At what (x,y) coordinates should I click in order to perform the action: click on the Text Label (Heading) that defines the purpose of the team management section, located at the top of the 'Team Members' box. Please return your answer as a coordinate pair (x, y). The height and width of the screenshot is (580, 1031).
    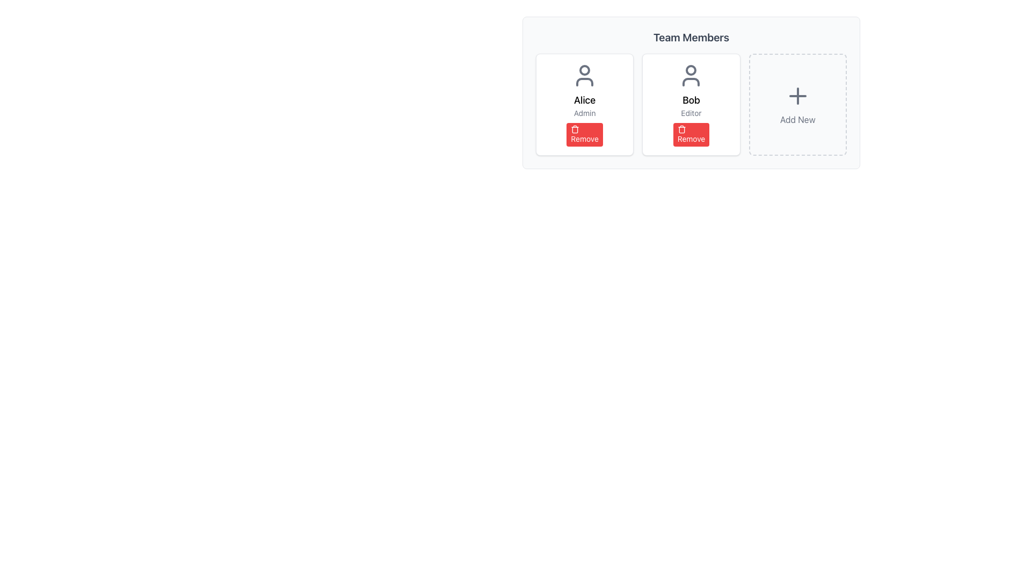
    Looking at the image, I should click on (691, 37).